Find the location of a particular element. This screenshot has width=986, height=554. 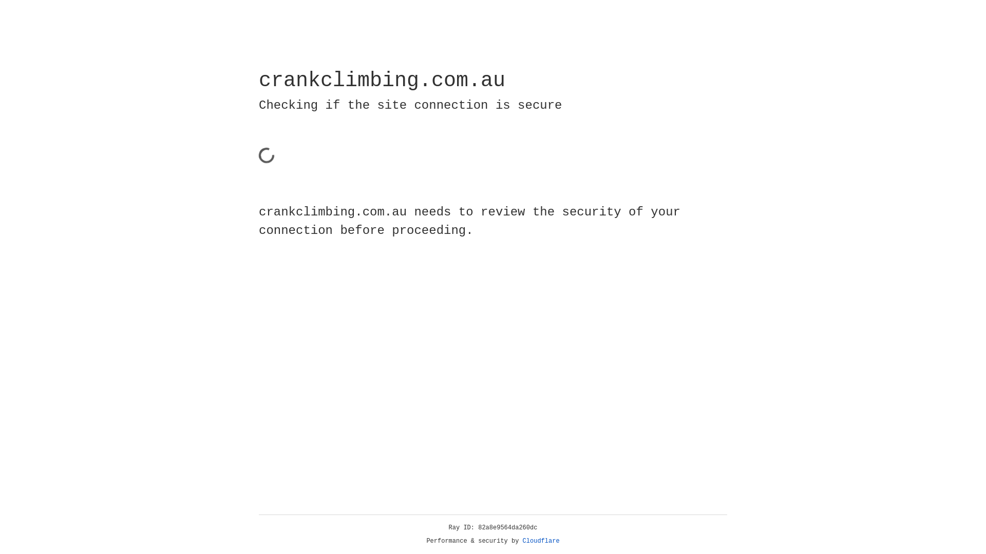

'Cloudflare' is located at coordinates (541, 541).